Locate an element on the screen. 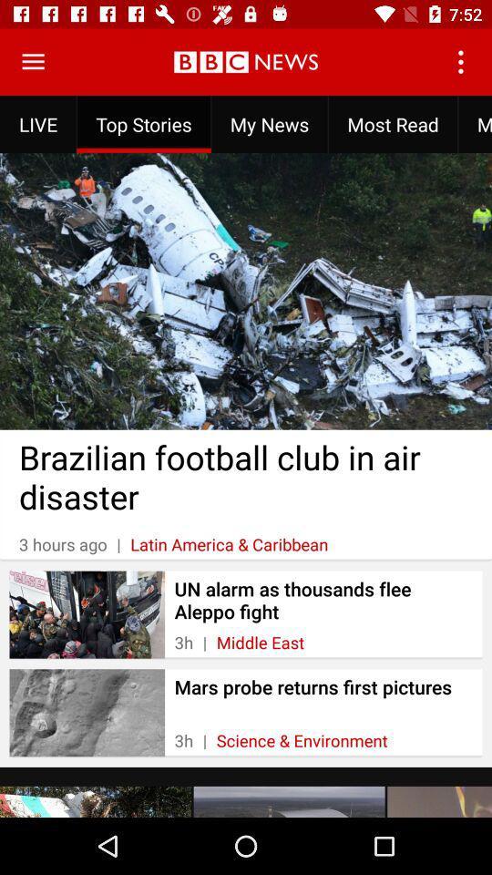  display menu options is located at coordinates (33, 62).